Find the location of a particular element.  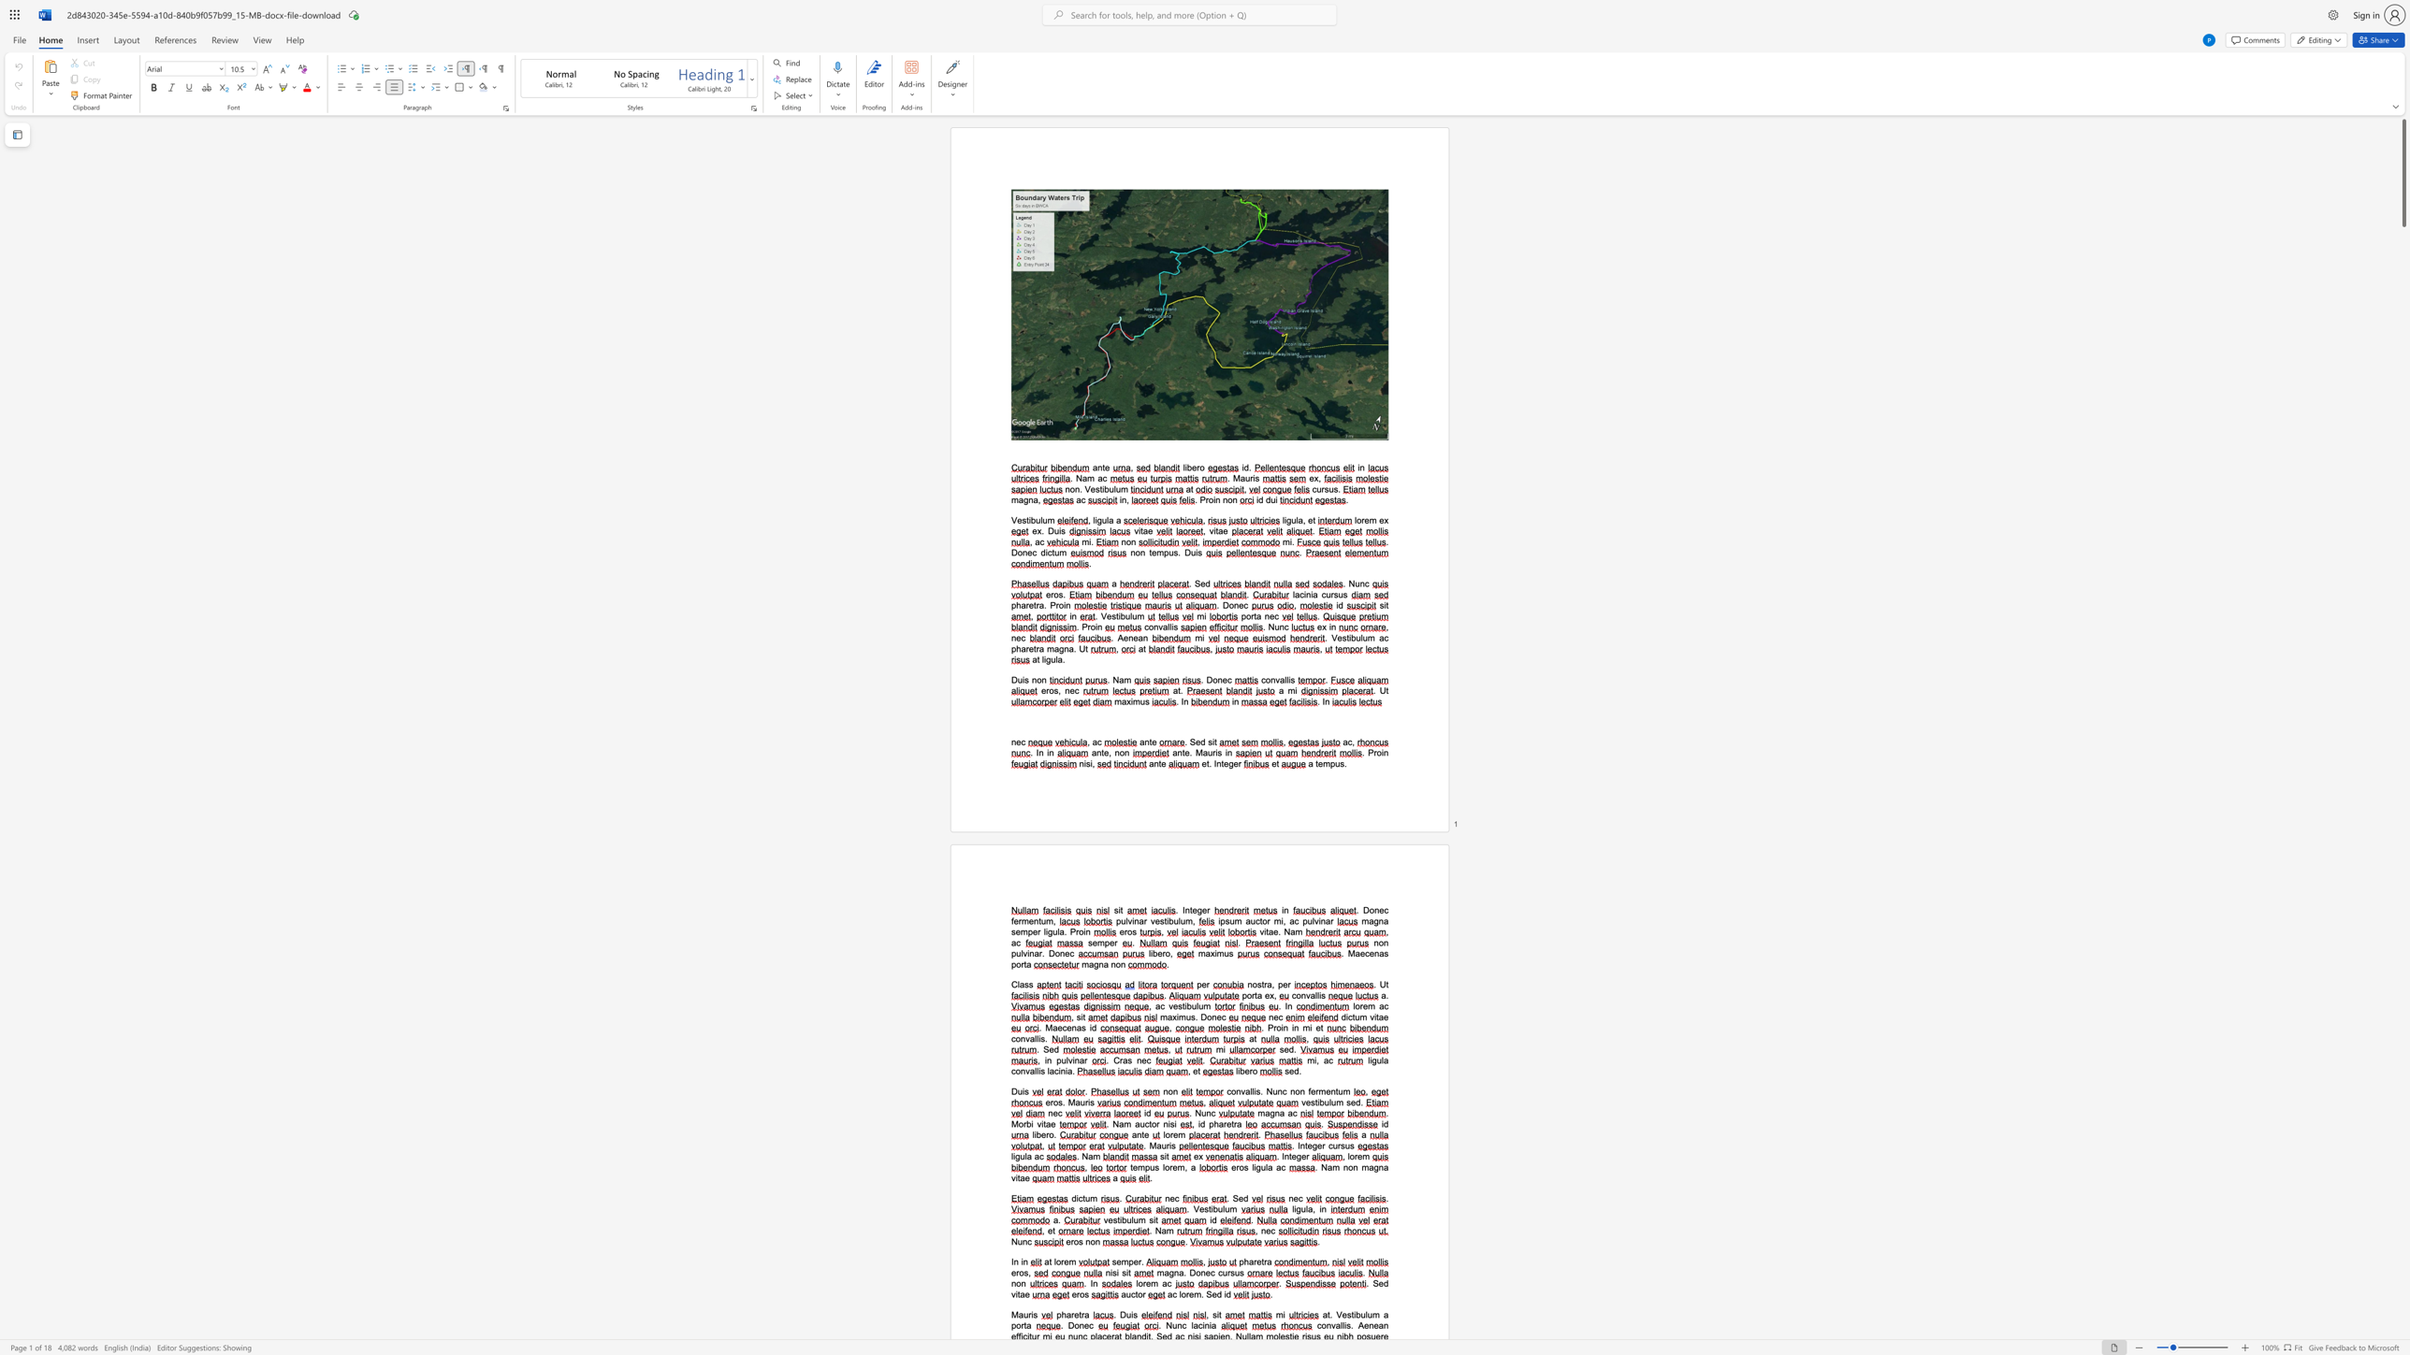

the space between the continuous character "u" and "m" in the text is located at coordinates (1359, 1016).